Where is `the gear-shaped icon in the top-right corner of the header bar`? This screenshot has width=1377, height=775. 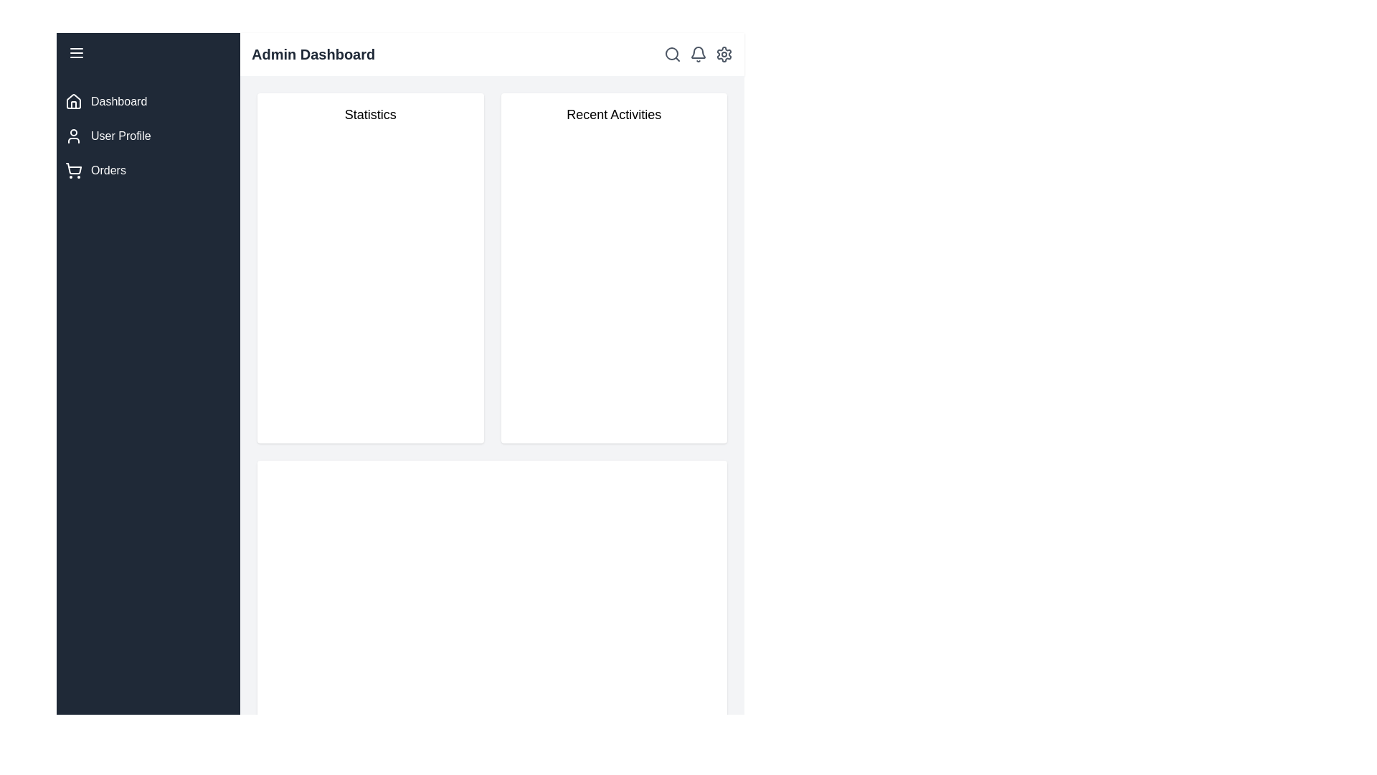
the gear-shaped icon in the top-right corner of the header bar is located at coordinates (724, 54).